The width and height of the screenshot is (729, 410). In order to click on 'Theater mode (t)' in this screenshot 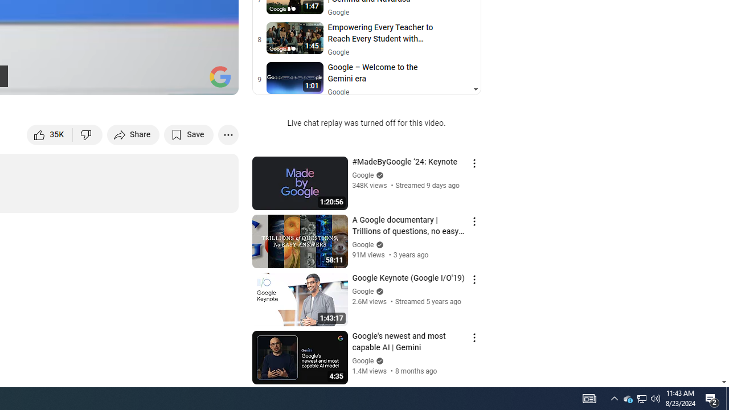, I will do `click(190, 80)`.